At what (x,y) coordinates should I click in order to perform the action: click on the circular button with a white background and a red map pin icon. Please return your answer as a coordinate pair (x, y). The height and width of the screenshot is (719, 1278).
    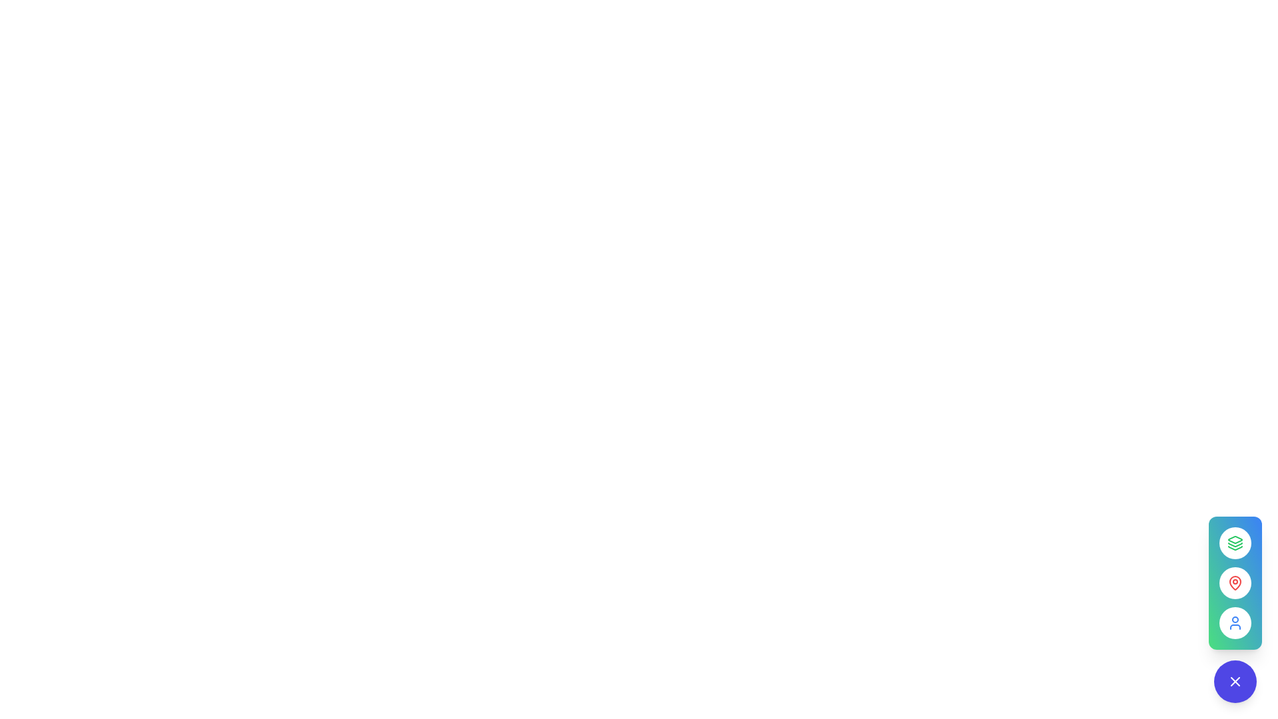
    Looking at the image, I should click on (1235, 582).